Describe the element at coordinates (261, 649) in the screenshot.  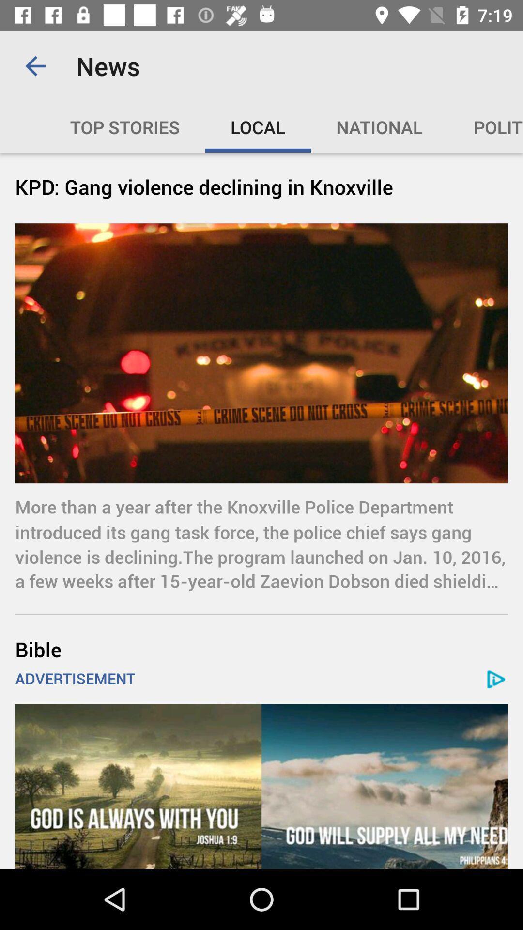
I see `icon above advertisement icon` at that location.